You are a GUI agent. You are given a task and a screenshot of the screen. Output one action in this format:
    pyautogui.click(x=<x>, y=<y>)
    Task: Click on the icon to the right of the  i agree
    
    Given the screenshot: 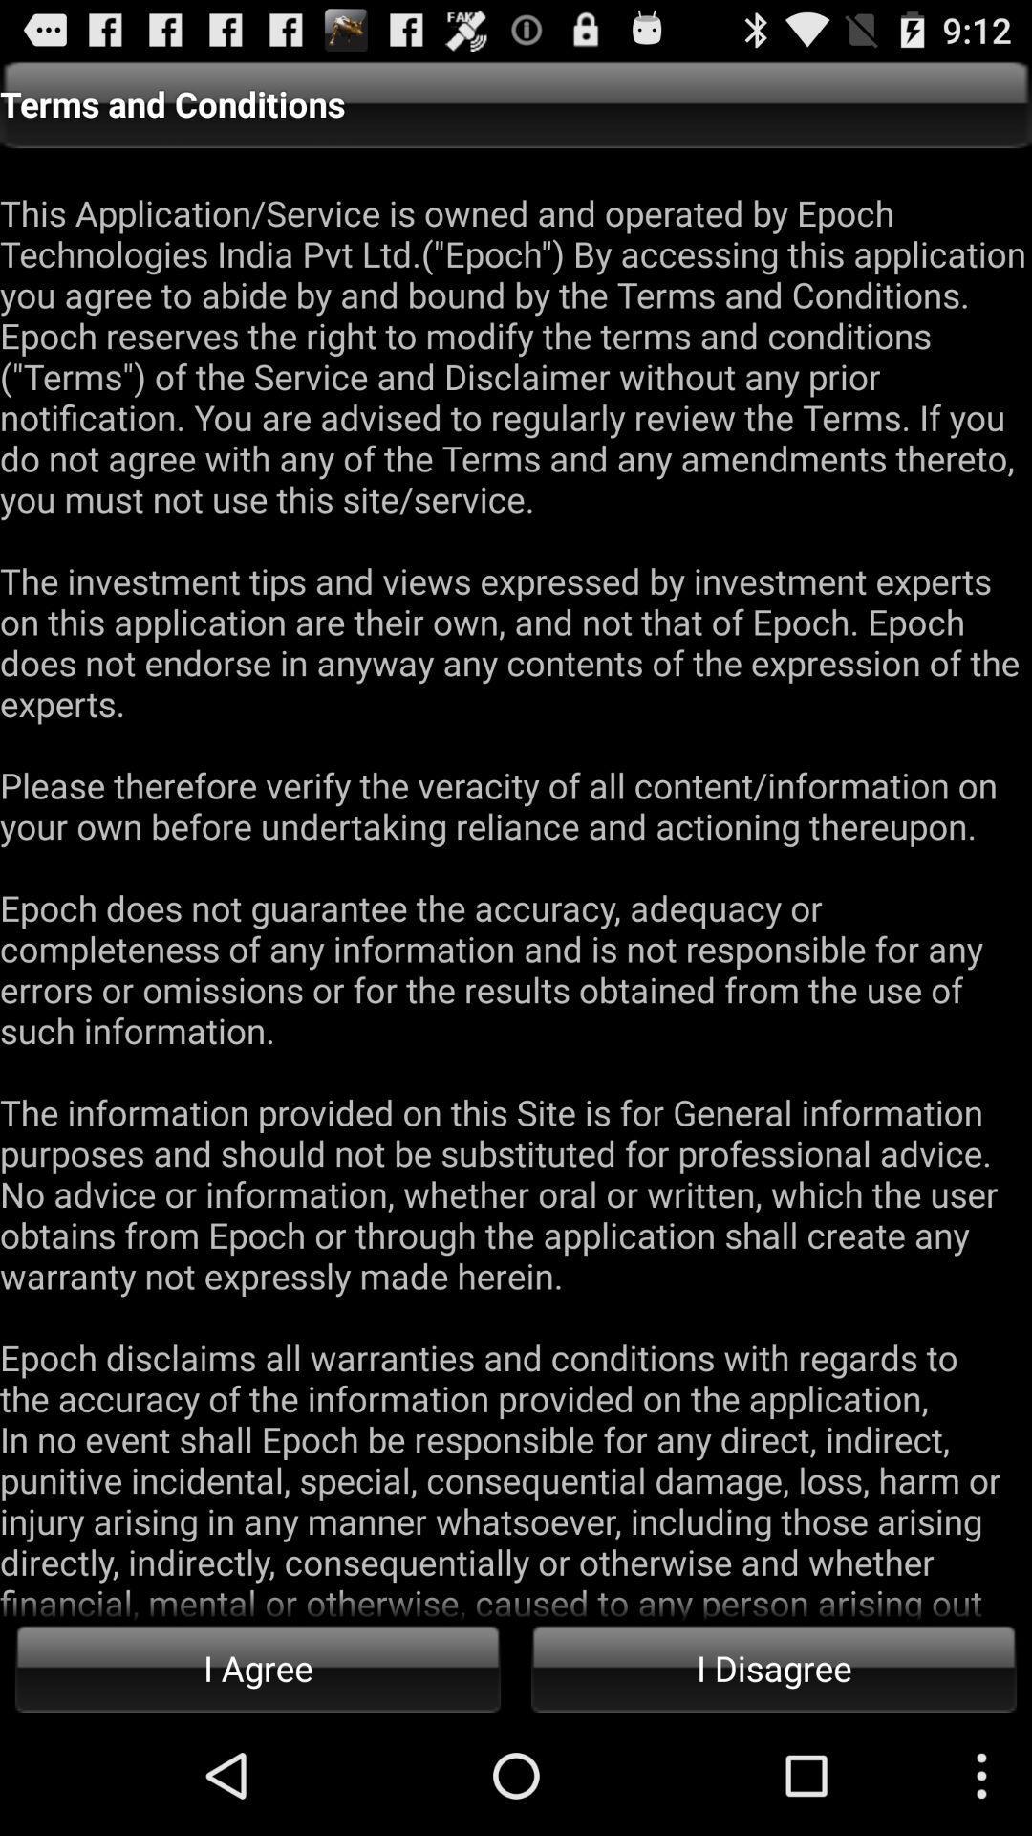 What is the action you would take?
    pyautogui.click(x=774, y=1667)
    